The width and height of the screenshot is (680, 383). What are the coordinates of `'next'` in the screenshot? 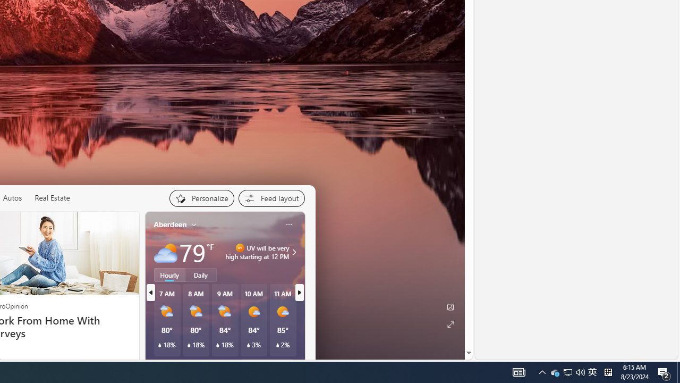 It's located at (299, 293).